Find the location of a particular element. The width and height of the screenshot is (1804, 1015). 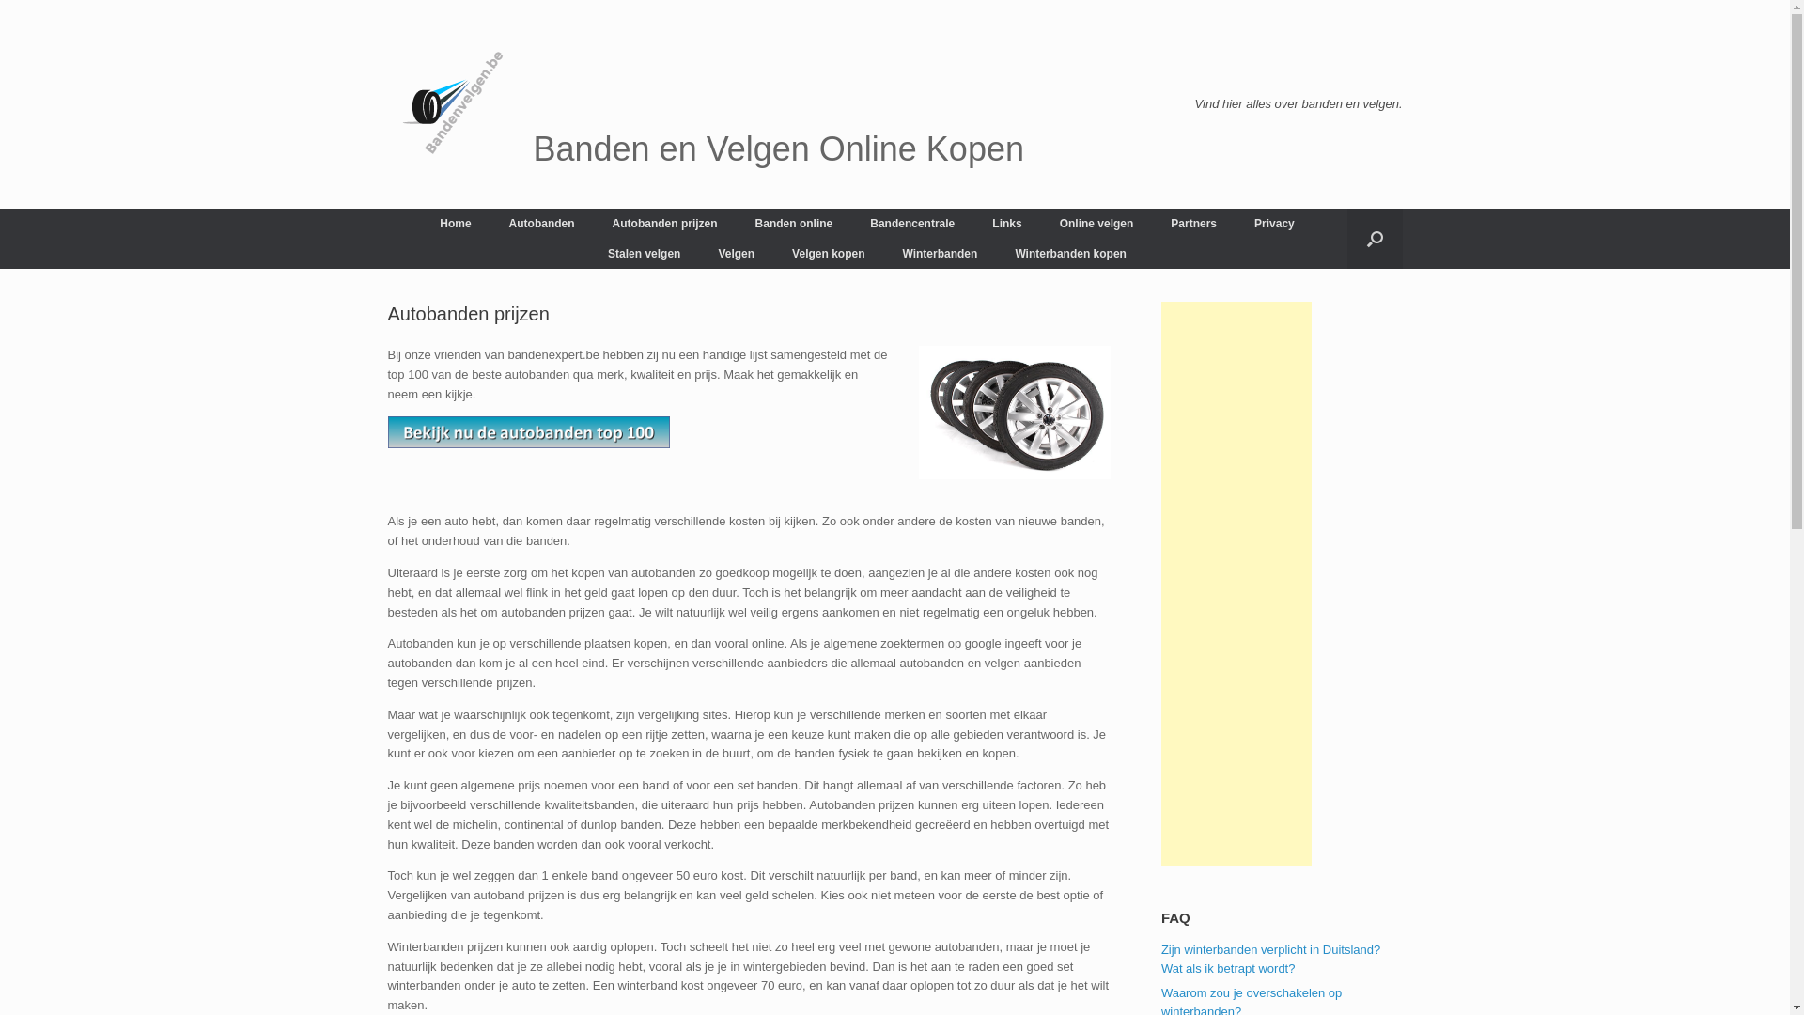

'Winterbanden' is located at coordinates (882, 254).